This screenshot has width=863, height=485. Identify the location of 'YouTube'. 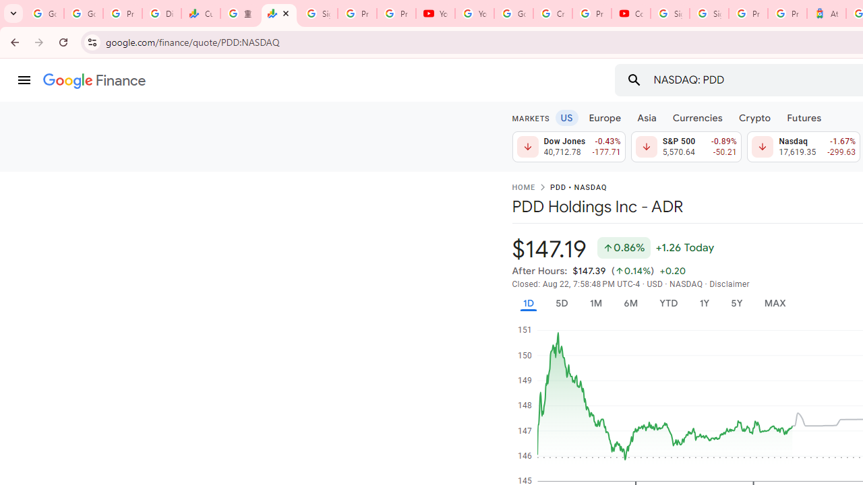
(475, 13).